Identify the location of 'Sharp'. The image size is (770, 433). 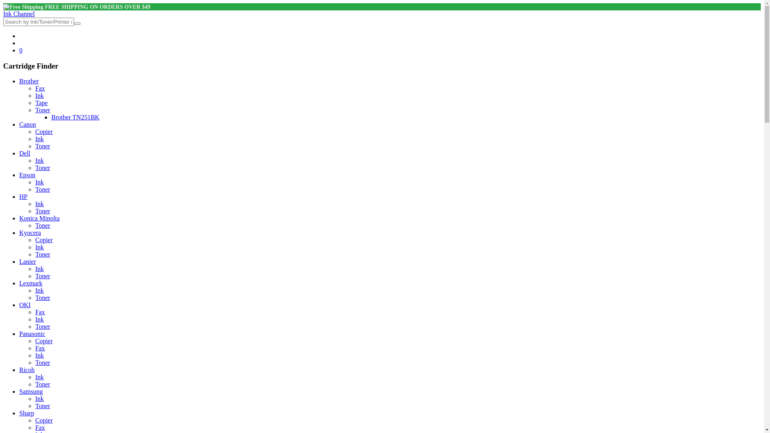
(19, 413).